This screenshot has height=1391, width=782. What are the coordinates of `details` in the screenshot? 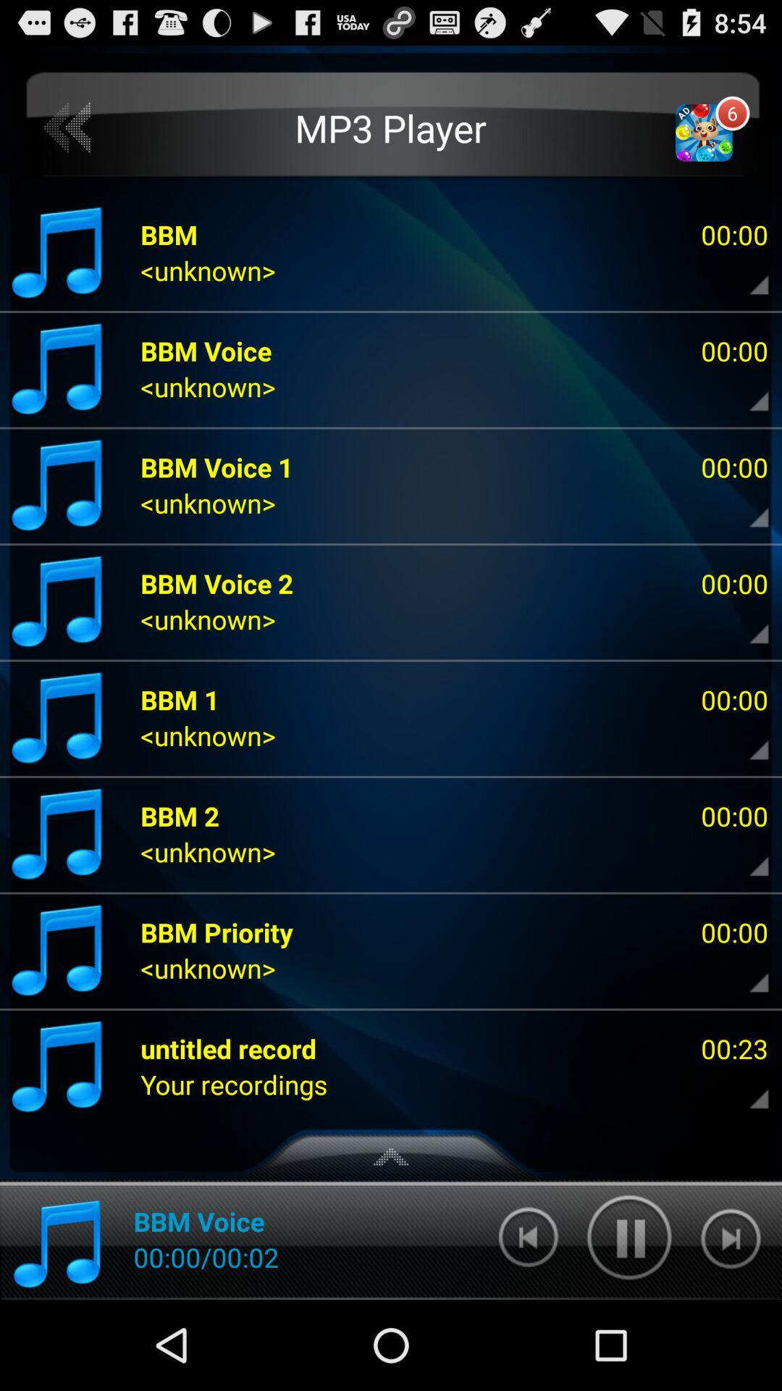 It's located at (747, 740).